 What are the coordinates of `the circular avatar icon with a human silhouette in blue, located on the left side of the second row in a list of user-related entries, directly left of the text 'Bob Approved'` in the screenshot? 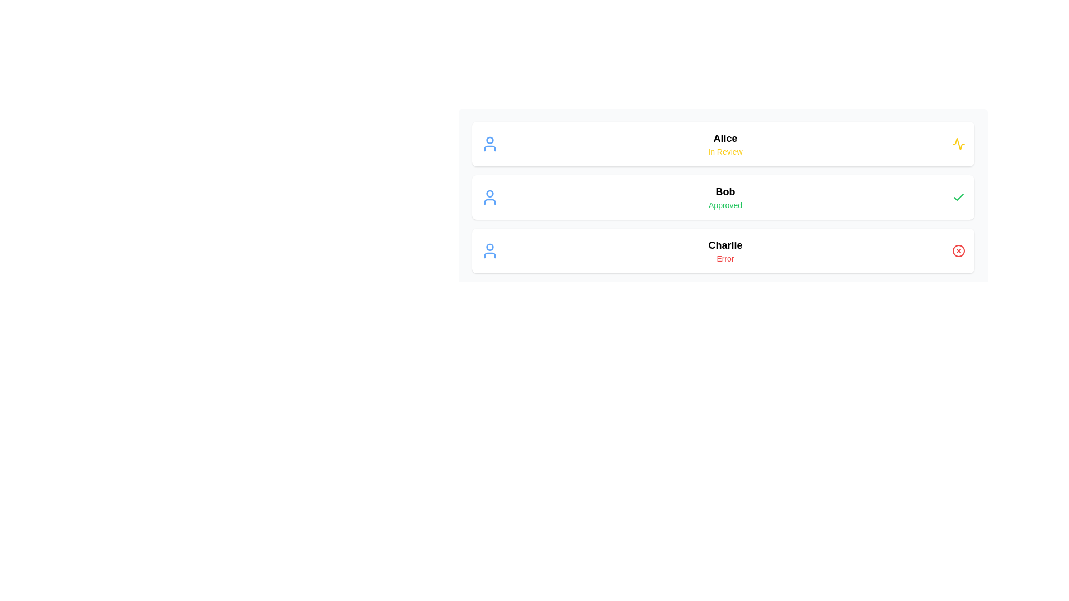 It's located at (489, 196).